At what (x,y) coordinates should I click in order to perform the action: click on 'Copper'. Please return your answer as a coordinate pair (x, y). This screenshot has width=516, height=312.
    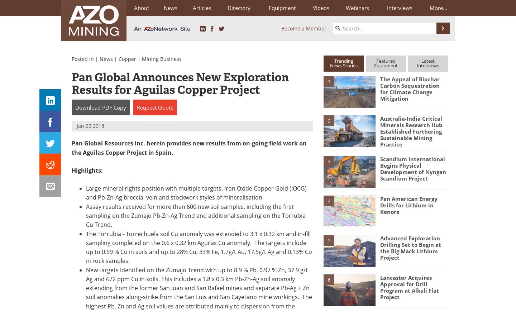
    Looking at the image, I should click on (127, 59).